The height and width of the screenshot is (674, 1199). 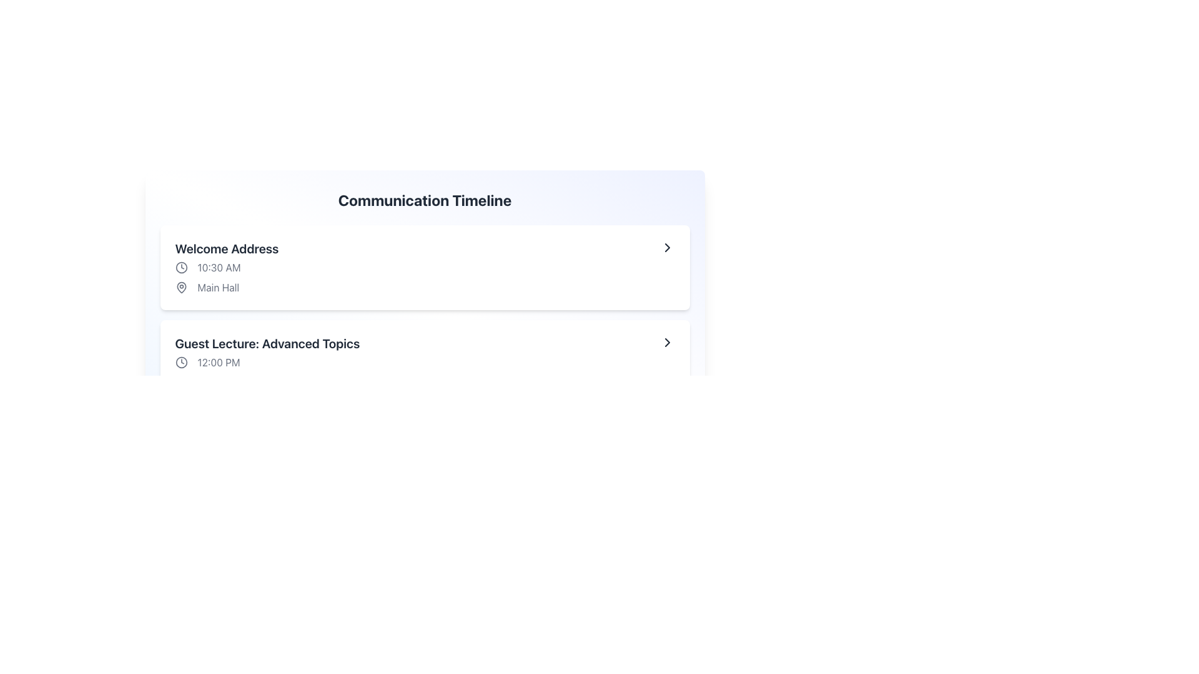 I want to click on text label displaying '12:00 PM', which is the fourth element in the 'Guest Lecture: Advanced Topics' list, styled in soft gray and aligned with a clock icon, so click(x=219, y=363).